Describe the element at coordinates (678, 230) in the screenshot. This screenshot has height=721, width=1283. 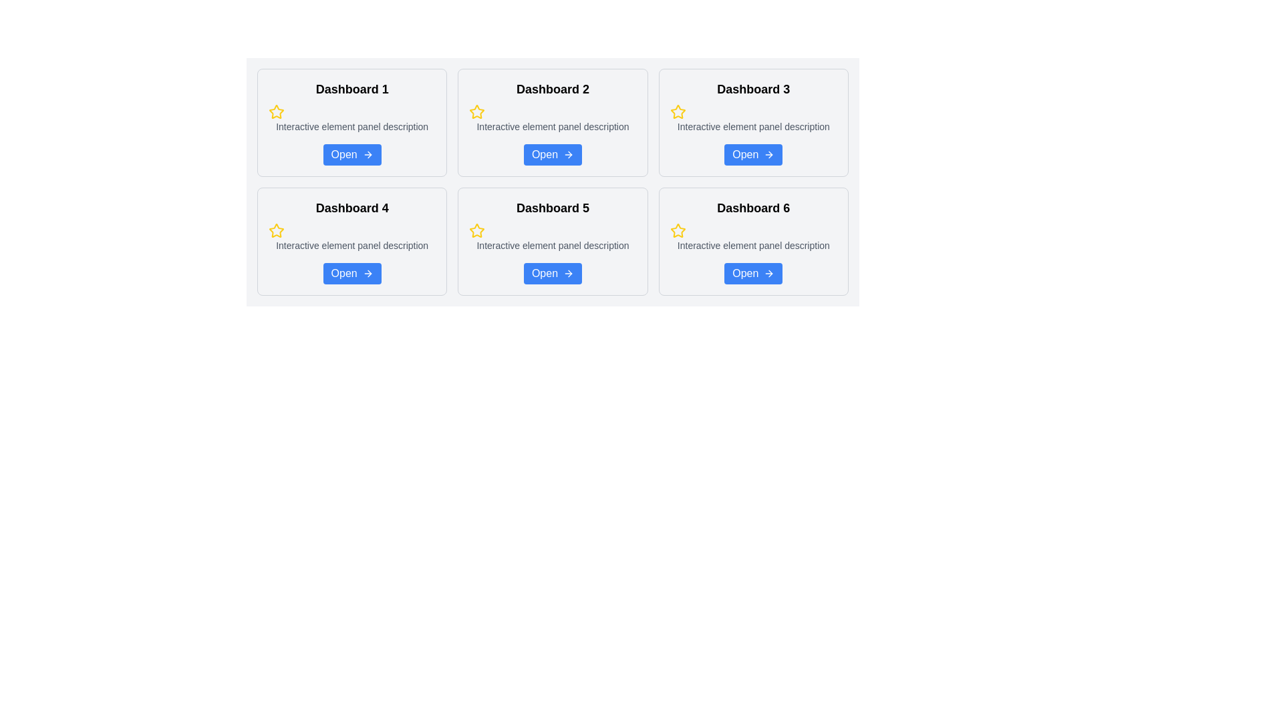
I see `the star icon representing the rating or favorite feature located in the 'Dashboard 6' panel, positioned to the left of the text 'Interactive element panel description'` at that location.